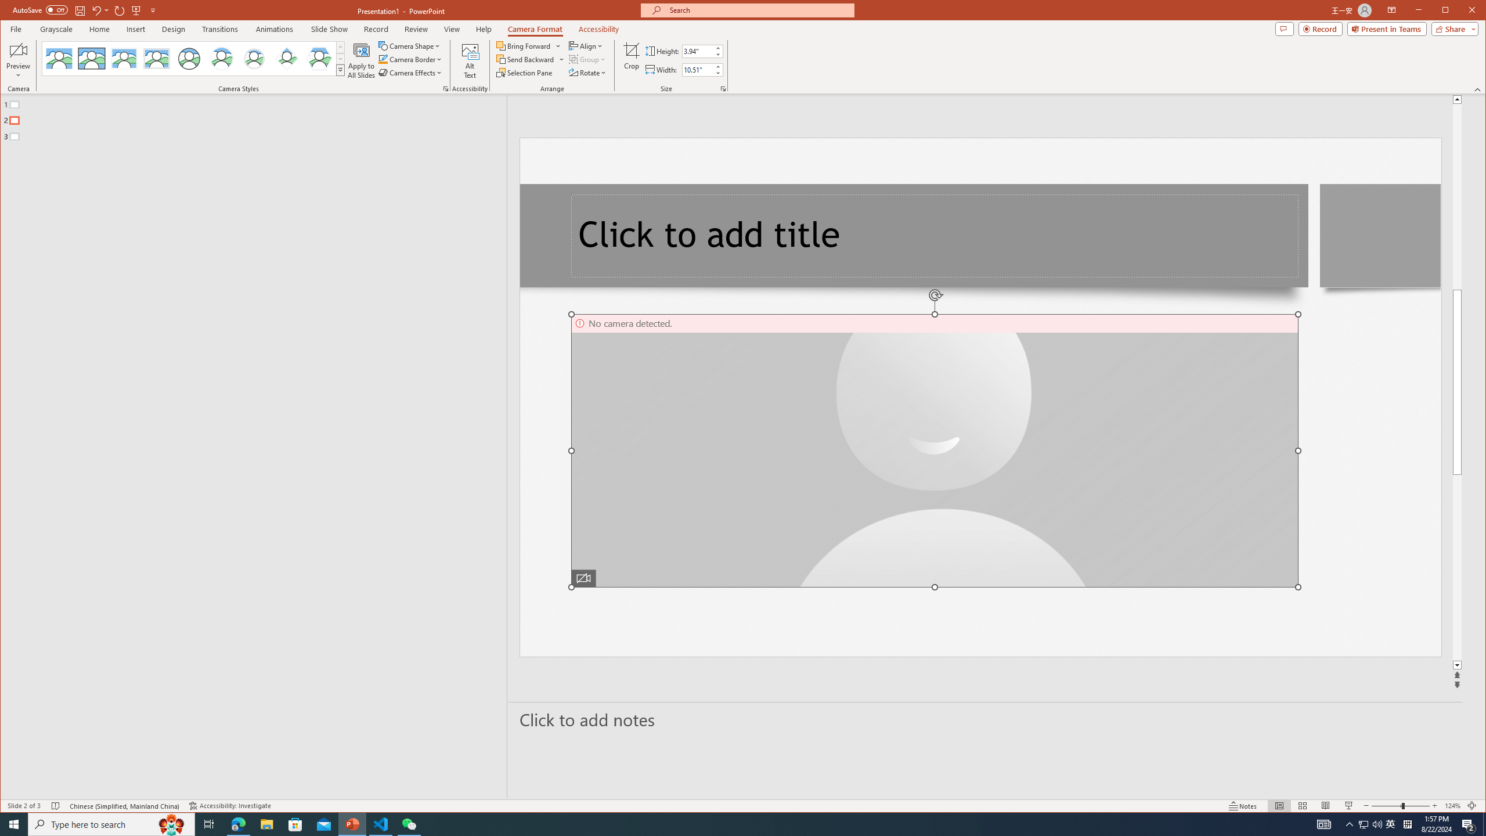  Describe the element at coordinates (78, 9) in the screenshot. I see `'Save'` at that location.